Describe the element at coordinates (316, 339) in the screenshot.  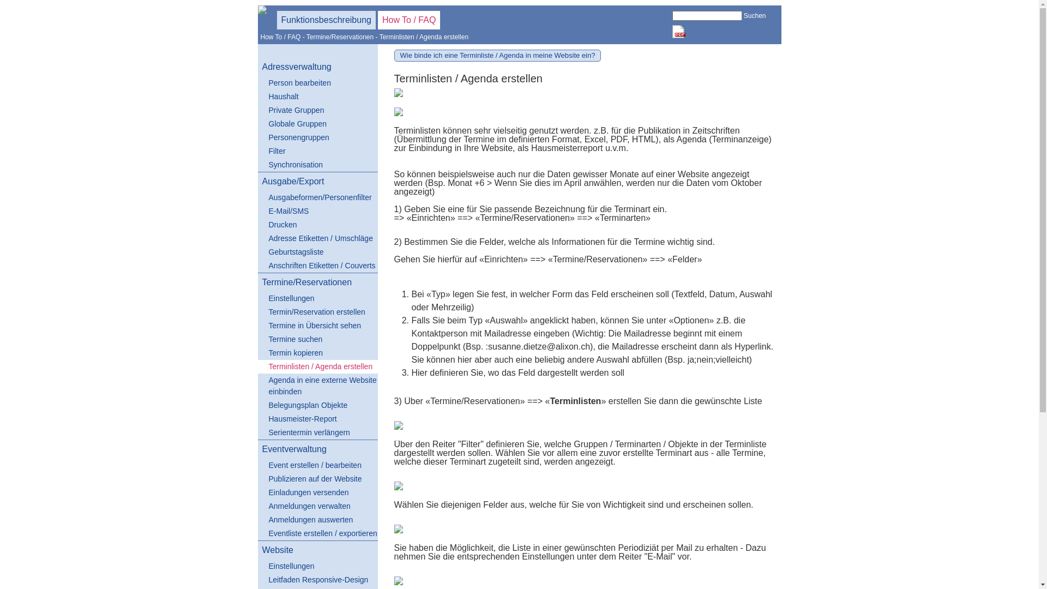
I see `'Termine suchen'` at that location.